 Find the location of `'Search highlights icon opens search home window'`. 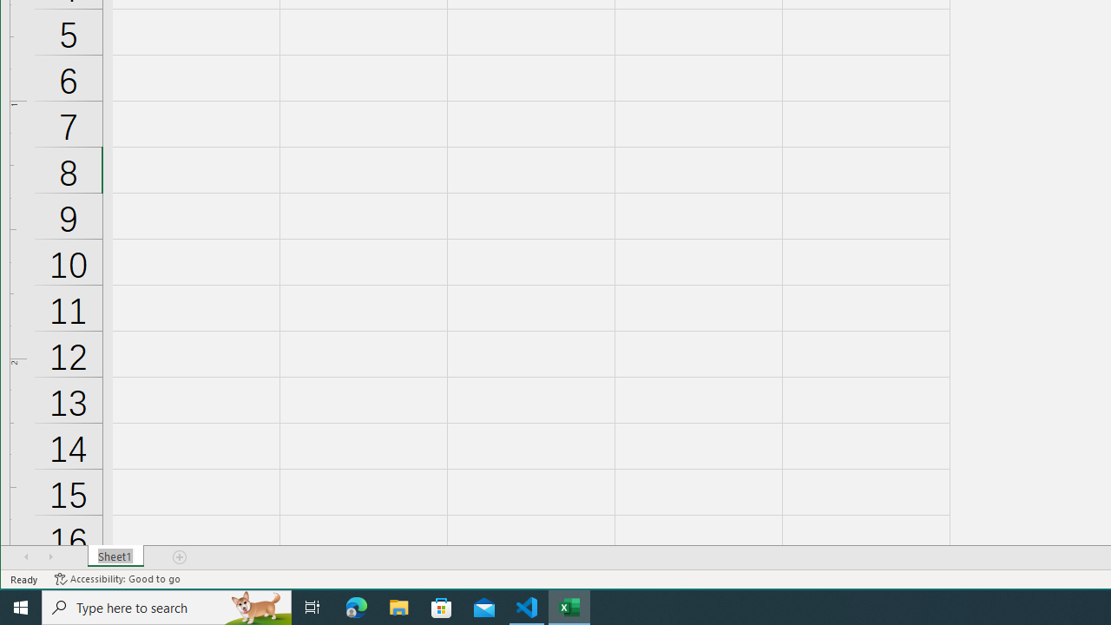

'Search highlights icon opens search home window' is located at coordinates (255, 606).